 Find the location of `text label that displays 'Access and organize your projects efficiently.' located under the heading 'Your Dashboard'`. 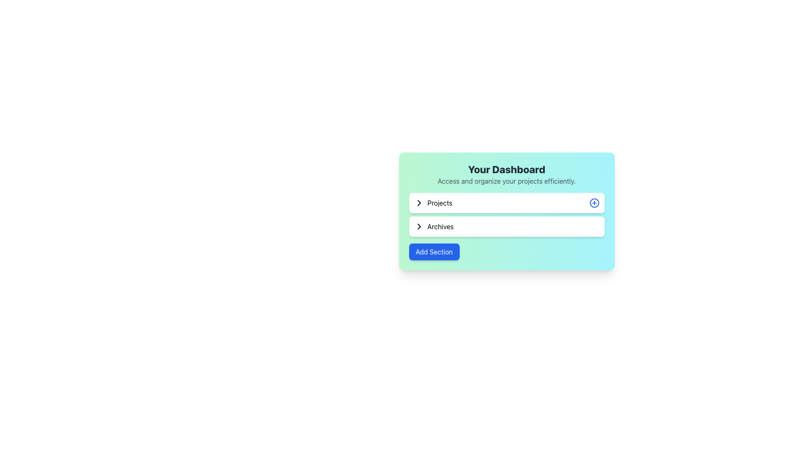

text label that displays 'Access and organize your projects efficiently.' located under the heading 'Your Dashboard' is located at coordinates (506, 180).